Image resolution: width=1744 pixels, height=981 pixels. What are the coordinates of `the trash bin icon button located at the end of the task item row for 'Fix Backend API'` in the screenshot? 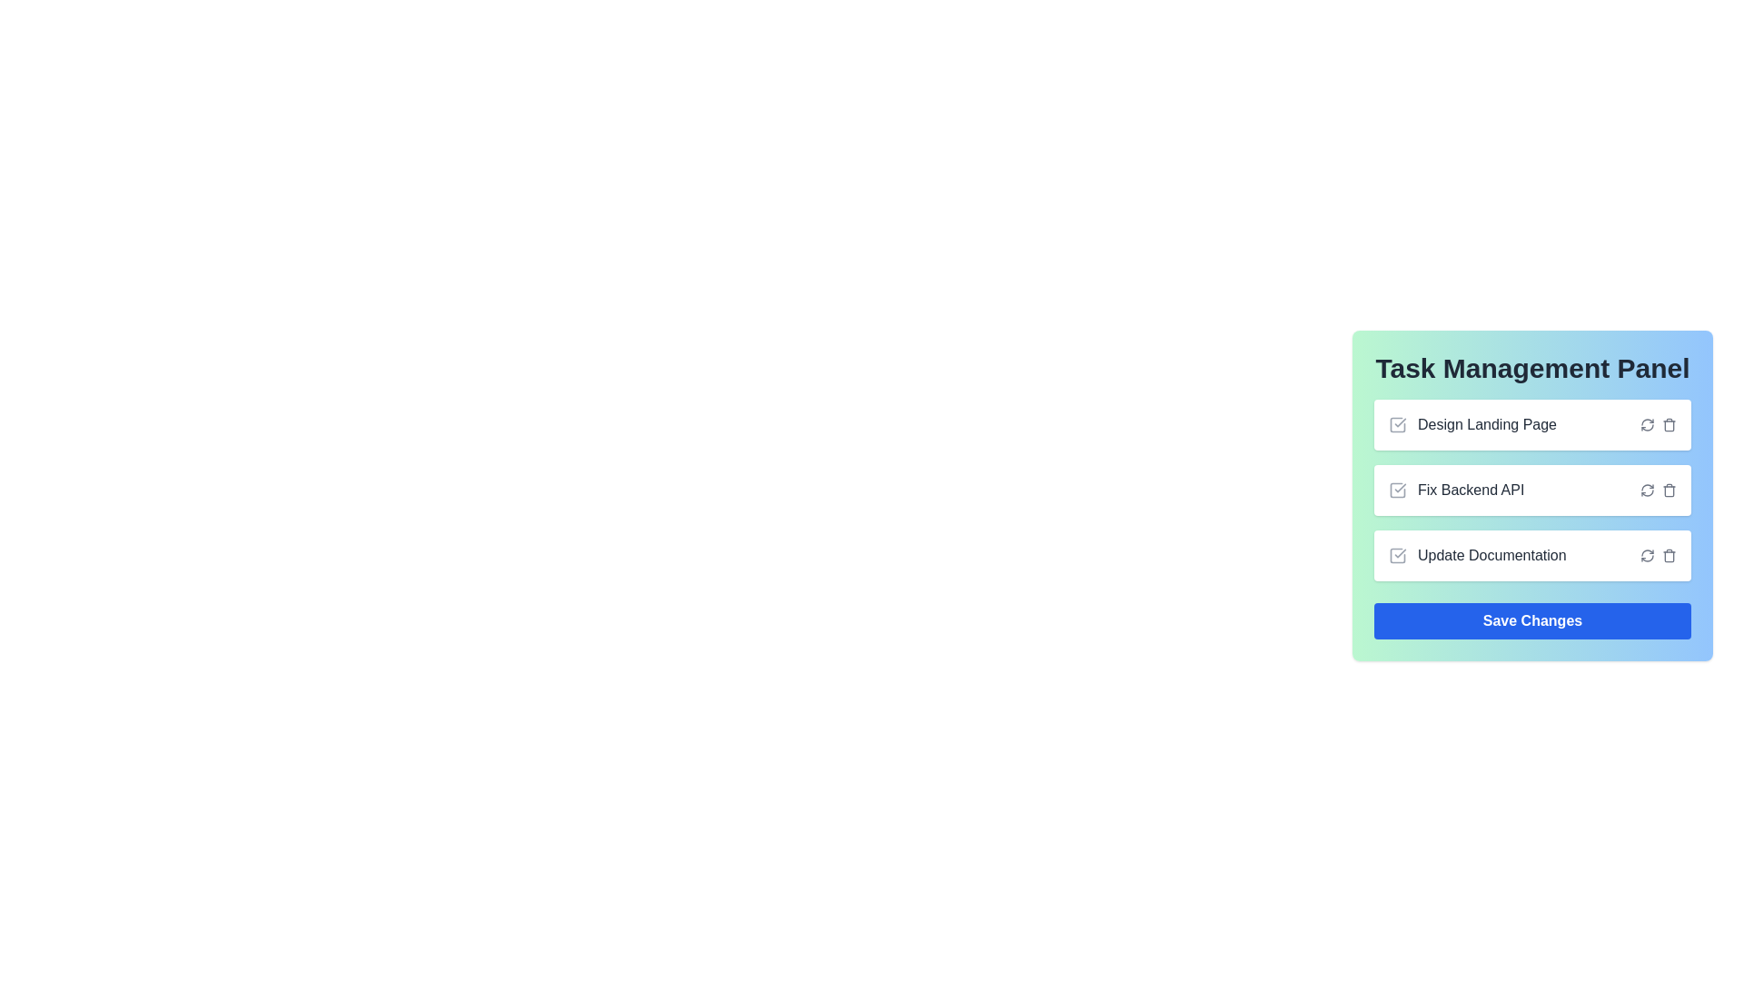 It's located at (1670, 490).